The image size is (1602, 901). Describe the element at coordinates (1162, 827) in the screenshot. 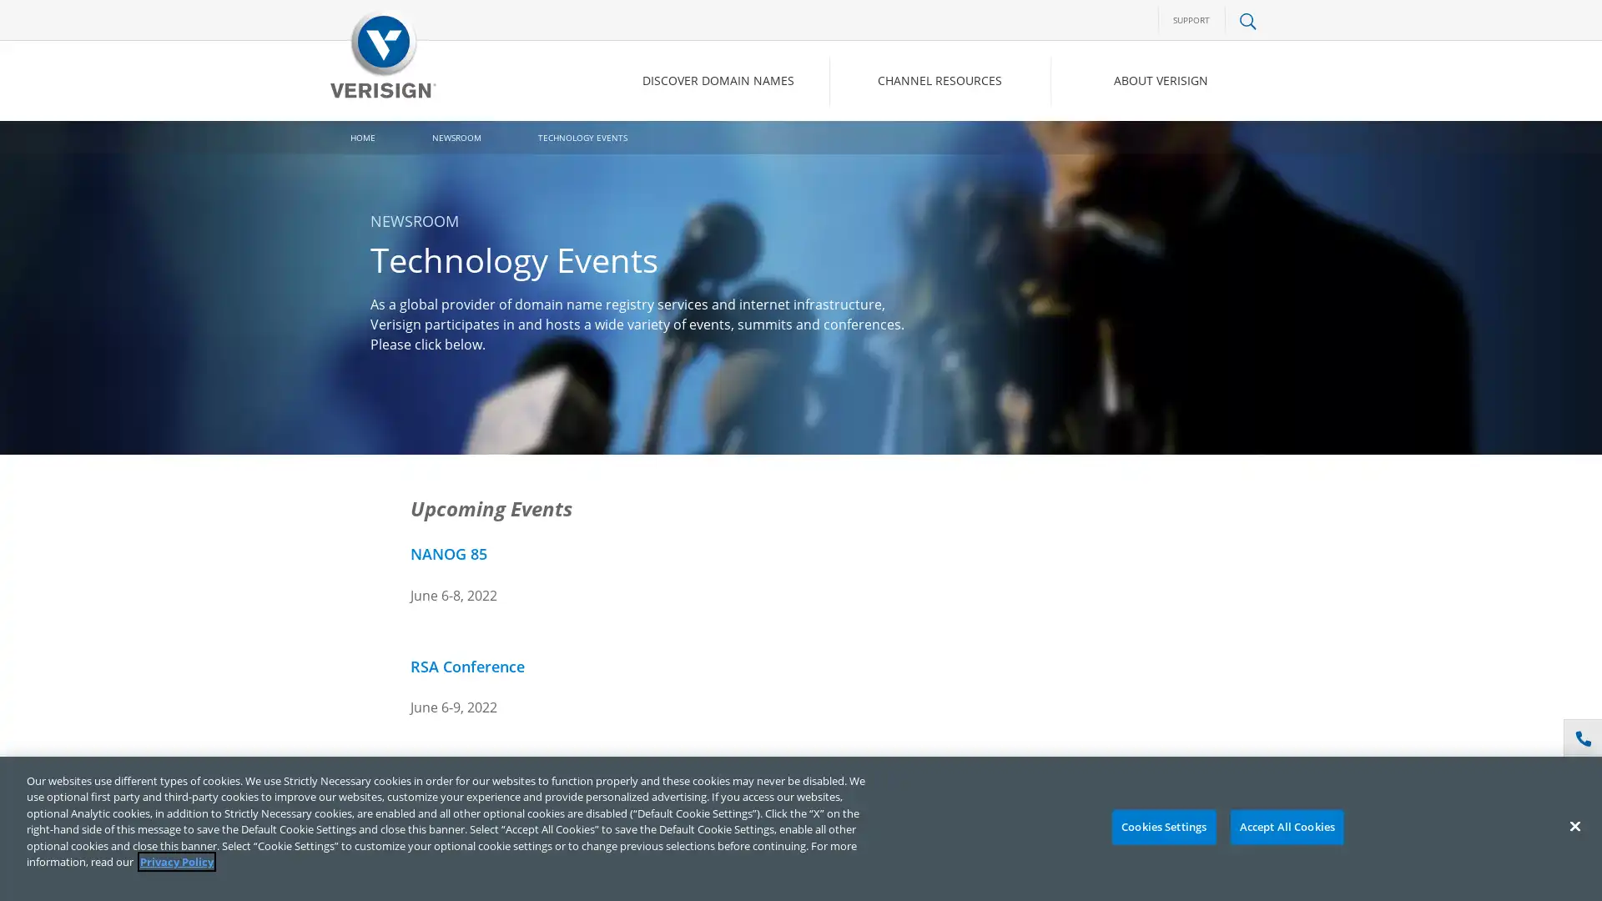

I see `Cookies Settings` at that location.